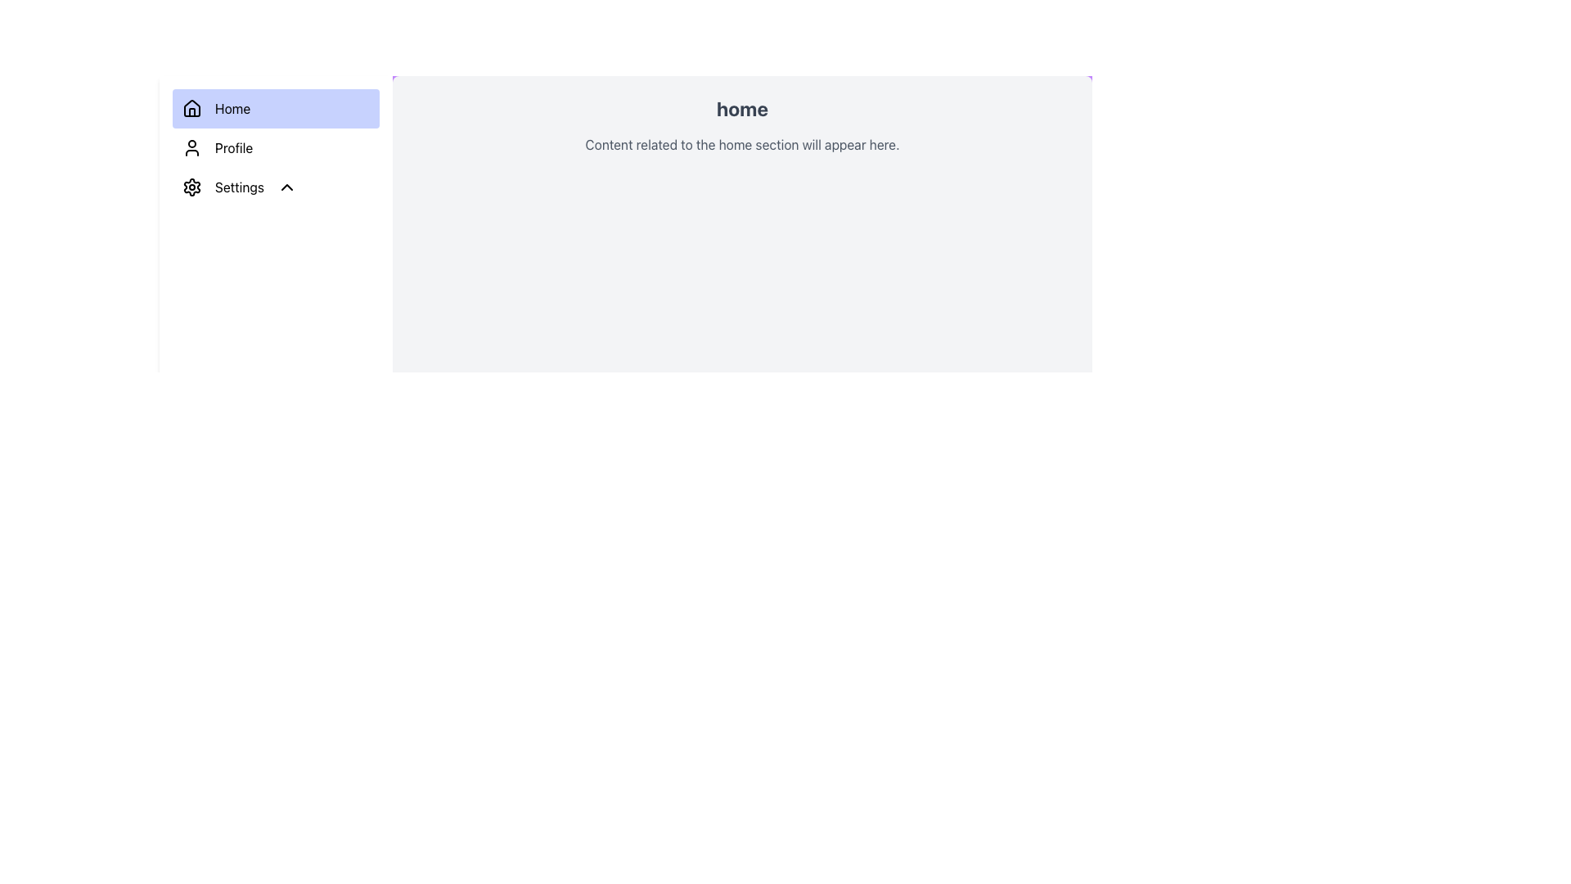 This screenshot has width=1571, height=884. I want to click on the second item in the vertical navigation menu, so click(276, 148).